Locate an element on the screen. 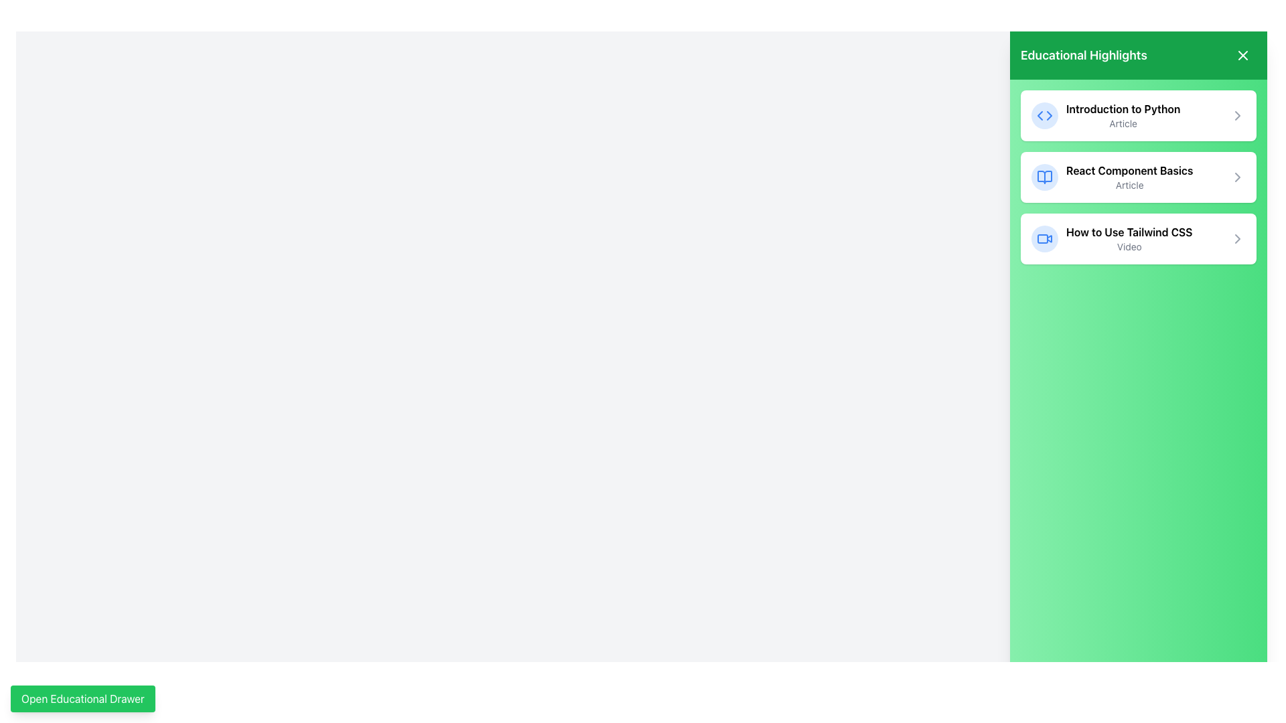 The height and width of the screenshot is (723, 1286). the text label reading 'Video', which is styled in a smaller, gray font and located below the larger title 'How to Use Tailwind CSS' within a list item is located at coordinates (1129, 247).